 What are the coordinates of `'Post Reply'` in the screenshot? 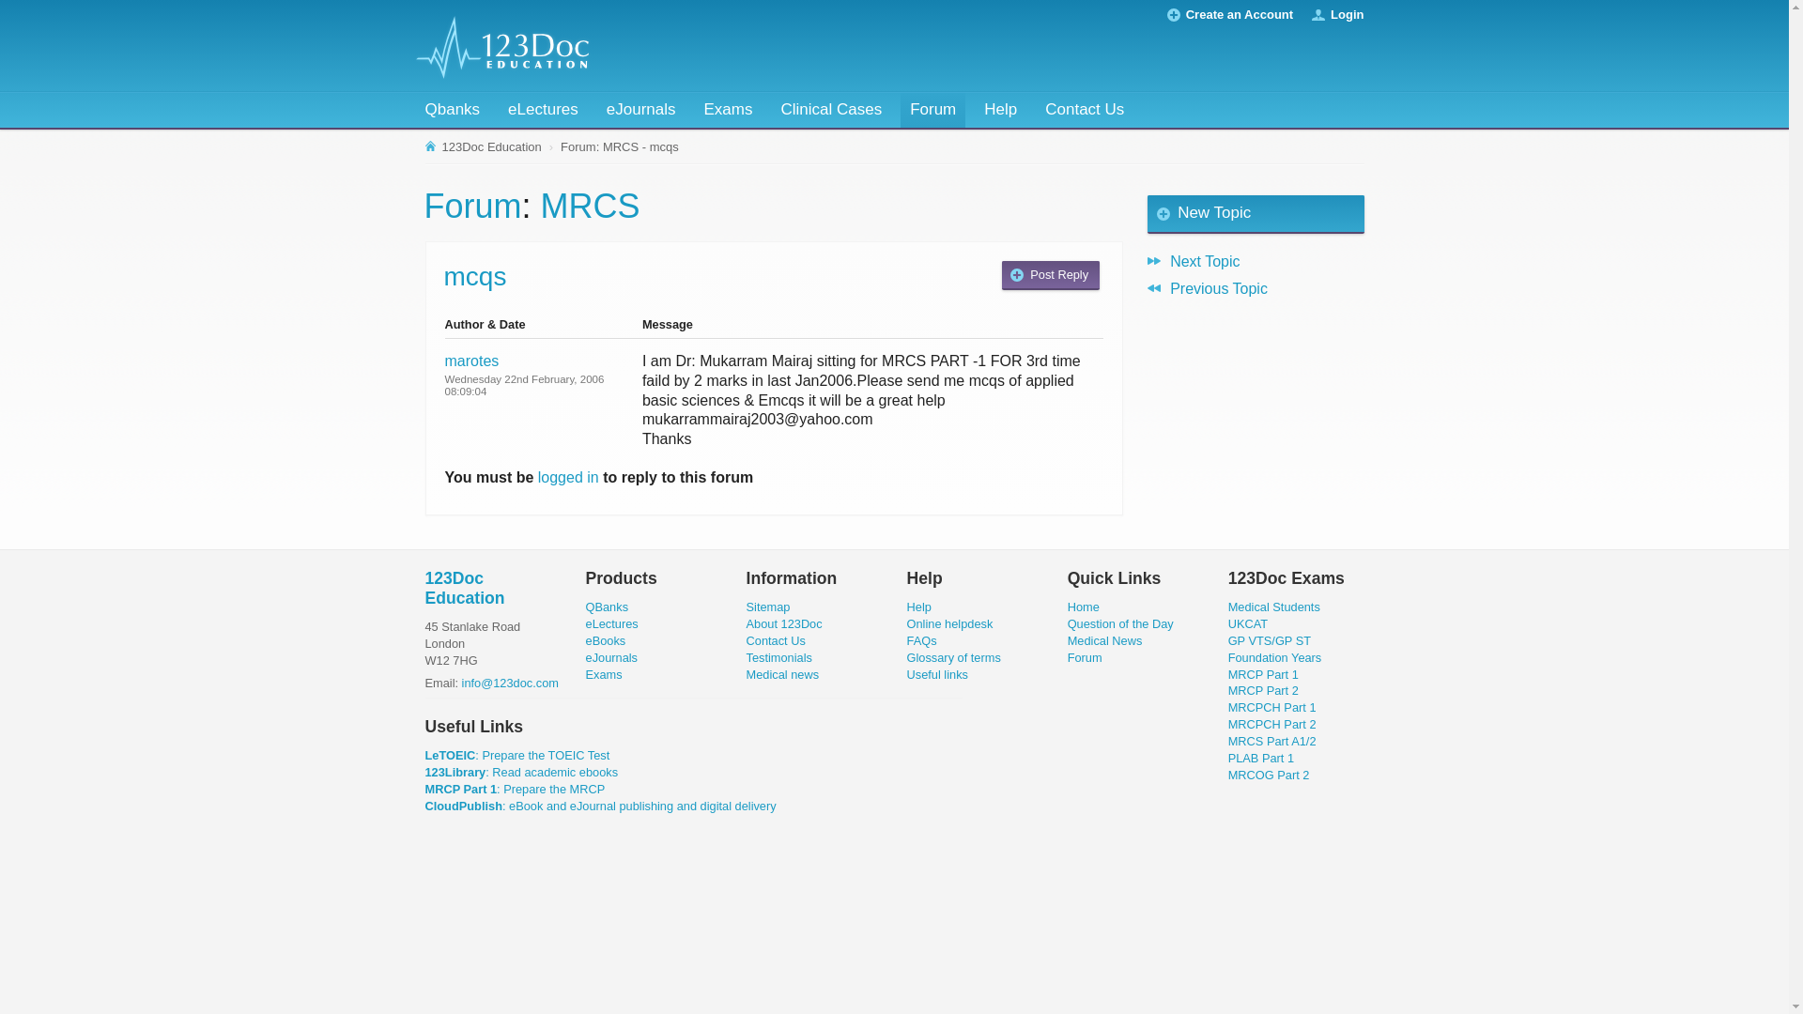 It's located at (1000, 275).